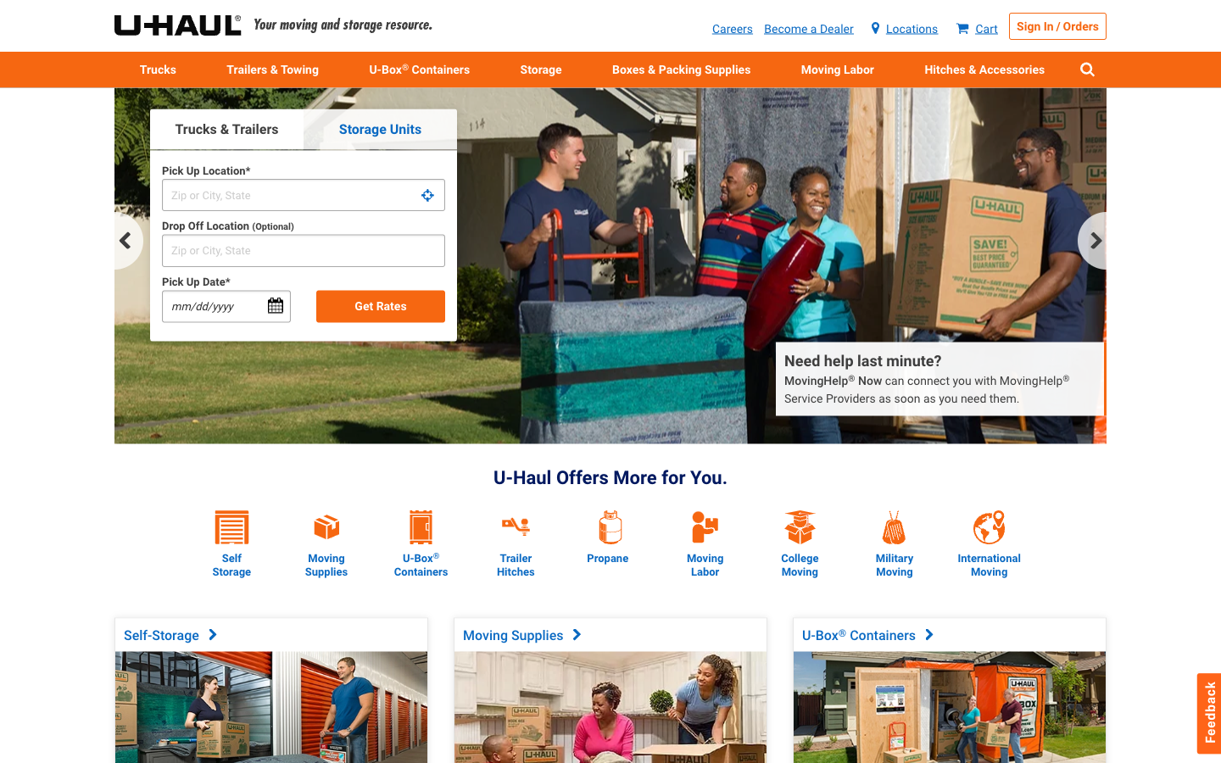  I want to click on Can you show me where to find rental information for trucks?, so click(158, 68).